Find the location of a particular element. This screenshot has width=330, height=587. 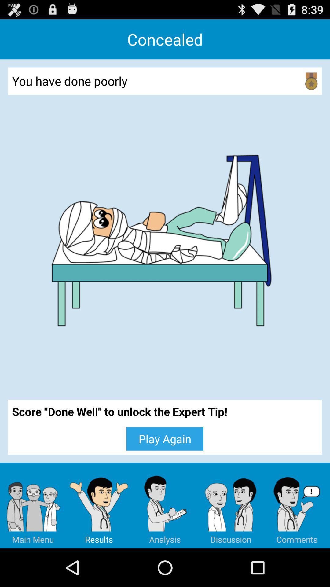

the play again icon is located at coordinates (165, 438).